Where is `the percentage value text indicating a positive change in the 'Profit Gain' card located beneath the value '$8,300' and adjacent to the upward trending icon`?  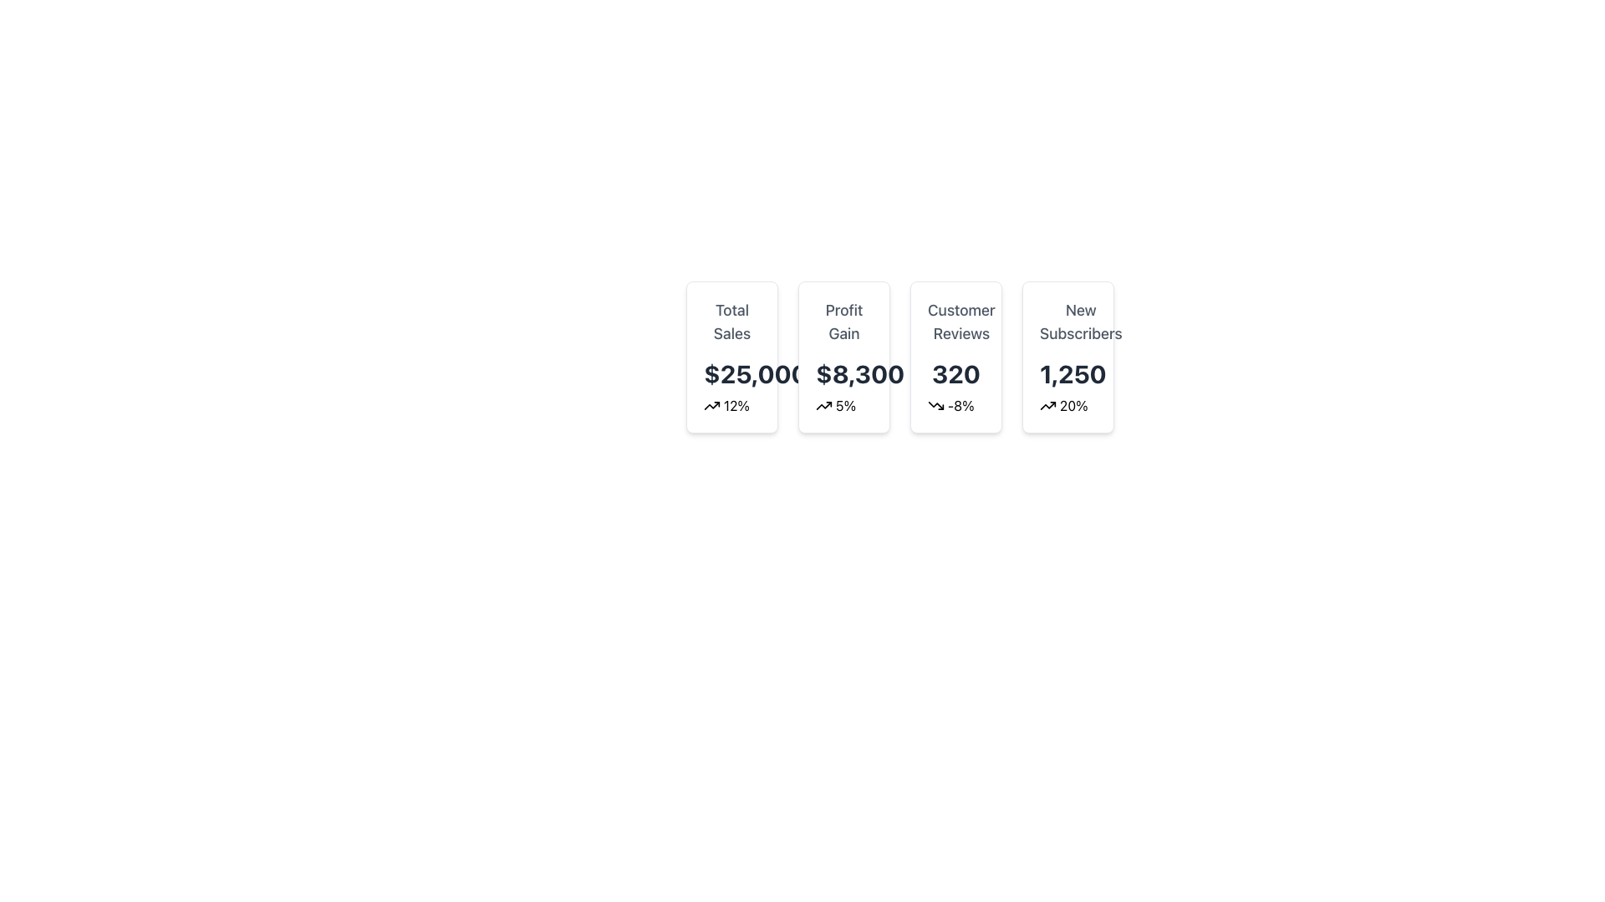
the percentage value text indicating a positive change in the 'Profit Gain' card located beneath the value '$8,300' and adjacent to the upward trending icon is located at coordinates (846, 406).